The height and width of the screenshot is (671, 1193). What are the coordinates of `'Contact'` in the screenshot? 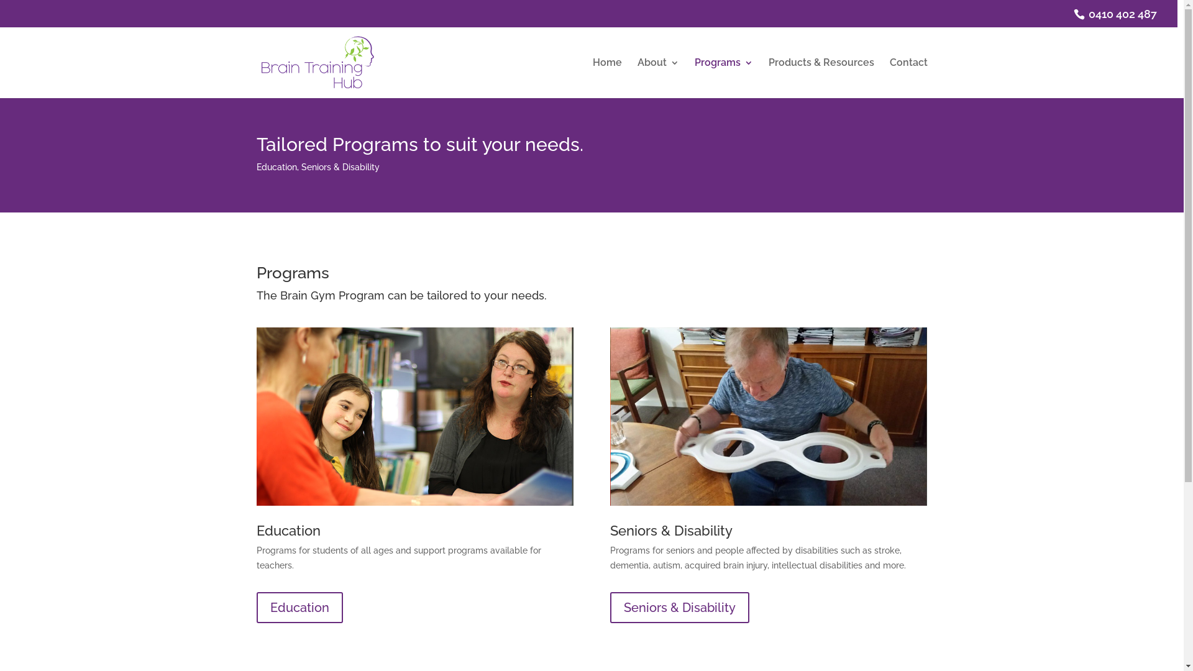 It's located at (889, 78).